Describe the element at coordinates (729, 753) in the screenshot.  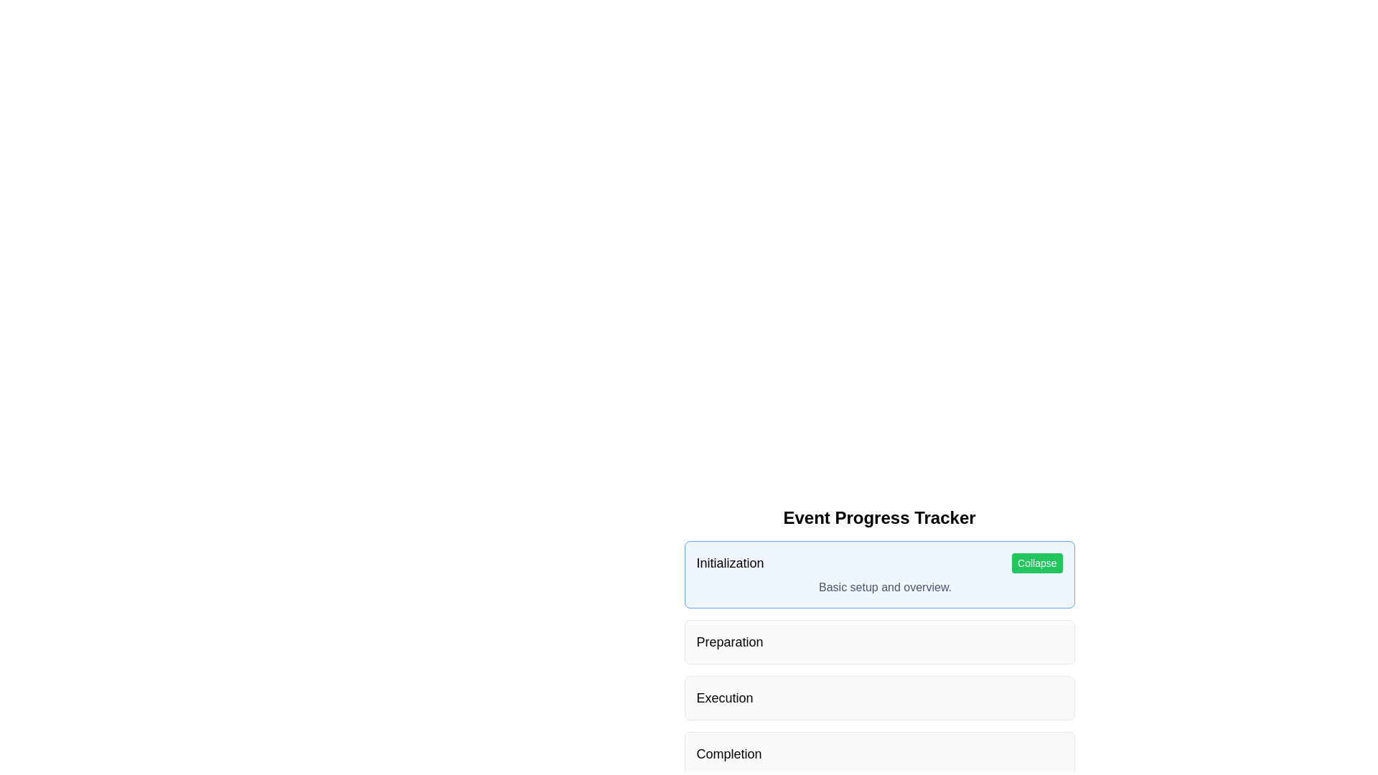
I see `the static text label that serves as the header for the 'Completion' stage of the progress tracker` at that location.